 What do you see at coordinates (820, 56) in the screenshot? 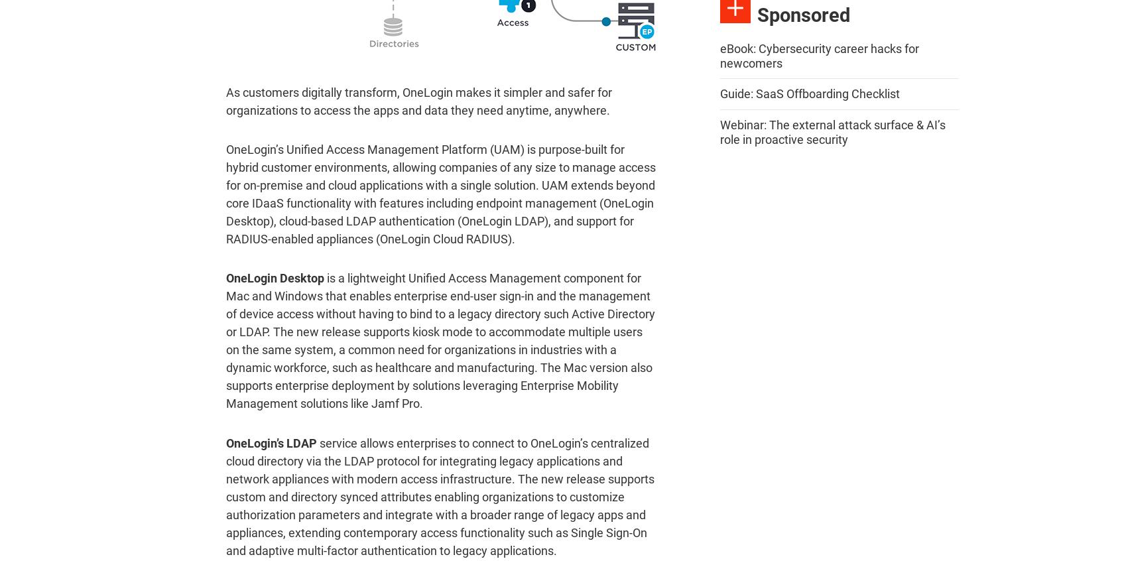
I see `'eBook: Cybersecurity career hacks for newcomers'` at bounding box center [820, 56].